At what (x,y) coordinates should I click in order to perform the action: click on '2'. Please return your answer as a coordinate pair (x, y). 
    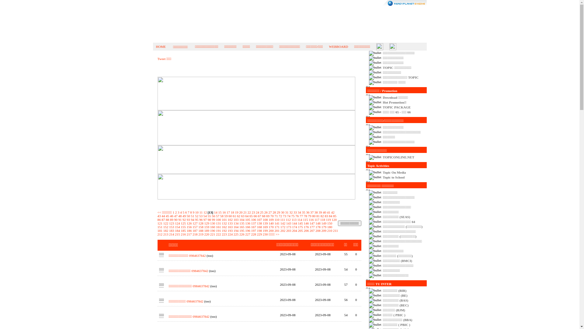
    Looking at the image, I should click on (176, 212).